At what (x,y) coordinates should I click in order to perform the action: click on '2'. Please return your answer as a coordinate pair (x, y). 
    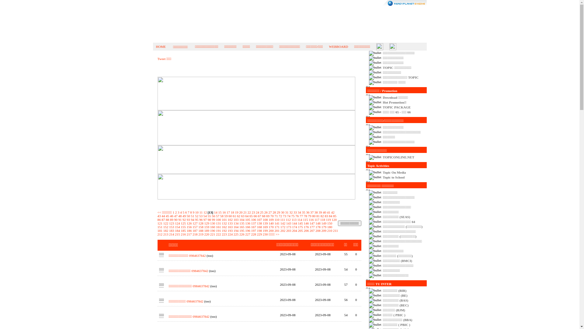
    Looking at the image, I should click on (176, 212).